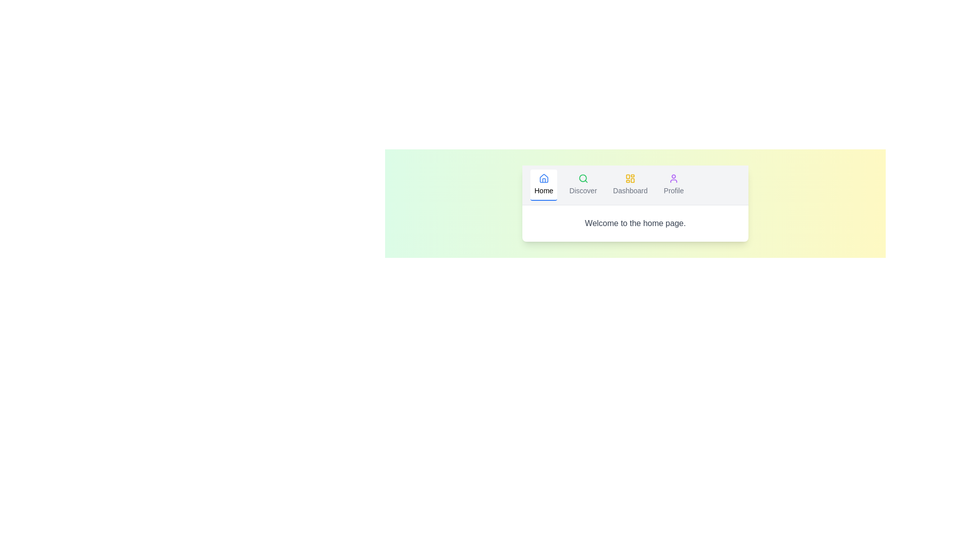 The image size is (969, 545). What do you see at coordinates (543, 185) in the screenshot?
I see `the Home tab to navigate to its content` at bounding box center [543, 185].